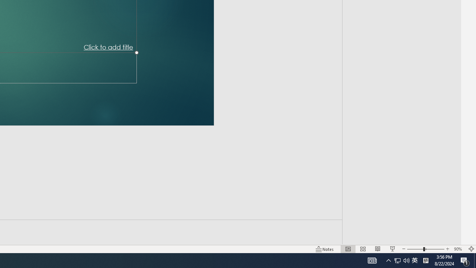 The height and width of the screenshot is (268, 476). I want to click on 'Zoom 90%', so click(459, 249).